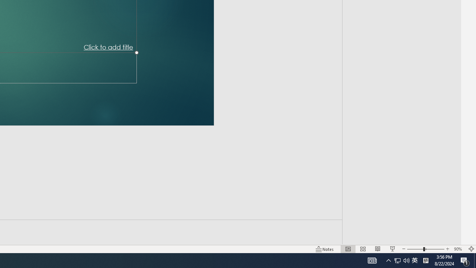 The height and width of the screenshot is (268, 476). I want to click on 'Zoom 90%', so click(459, 249).